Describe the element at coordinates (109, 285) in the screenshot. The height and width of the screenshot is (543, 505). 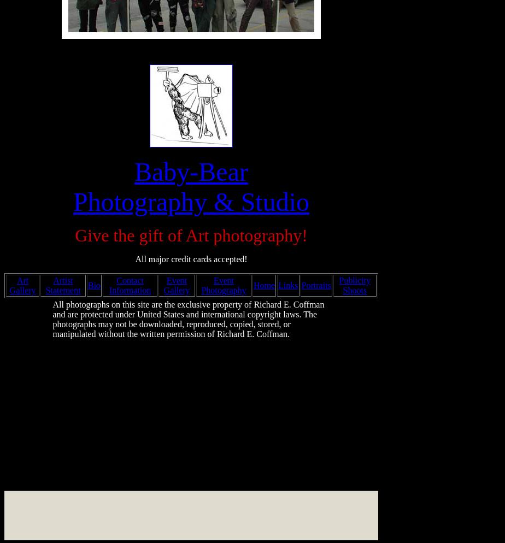
I see `'Contact Information'` at that location.